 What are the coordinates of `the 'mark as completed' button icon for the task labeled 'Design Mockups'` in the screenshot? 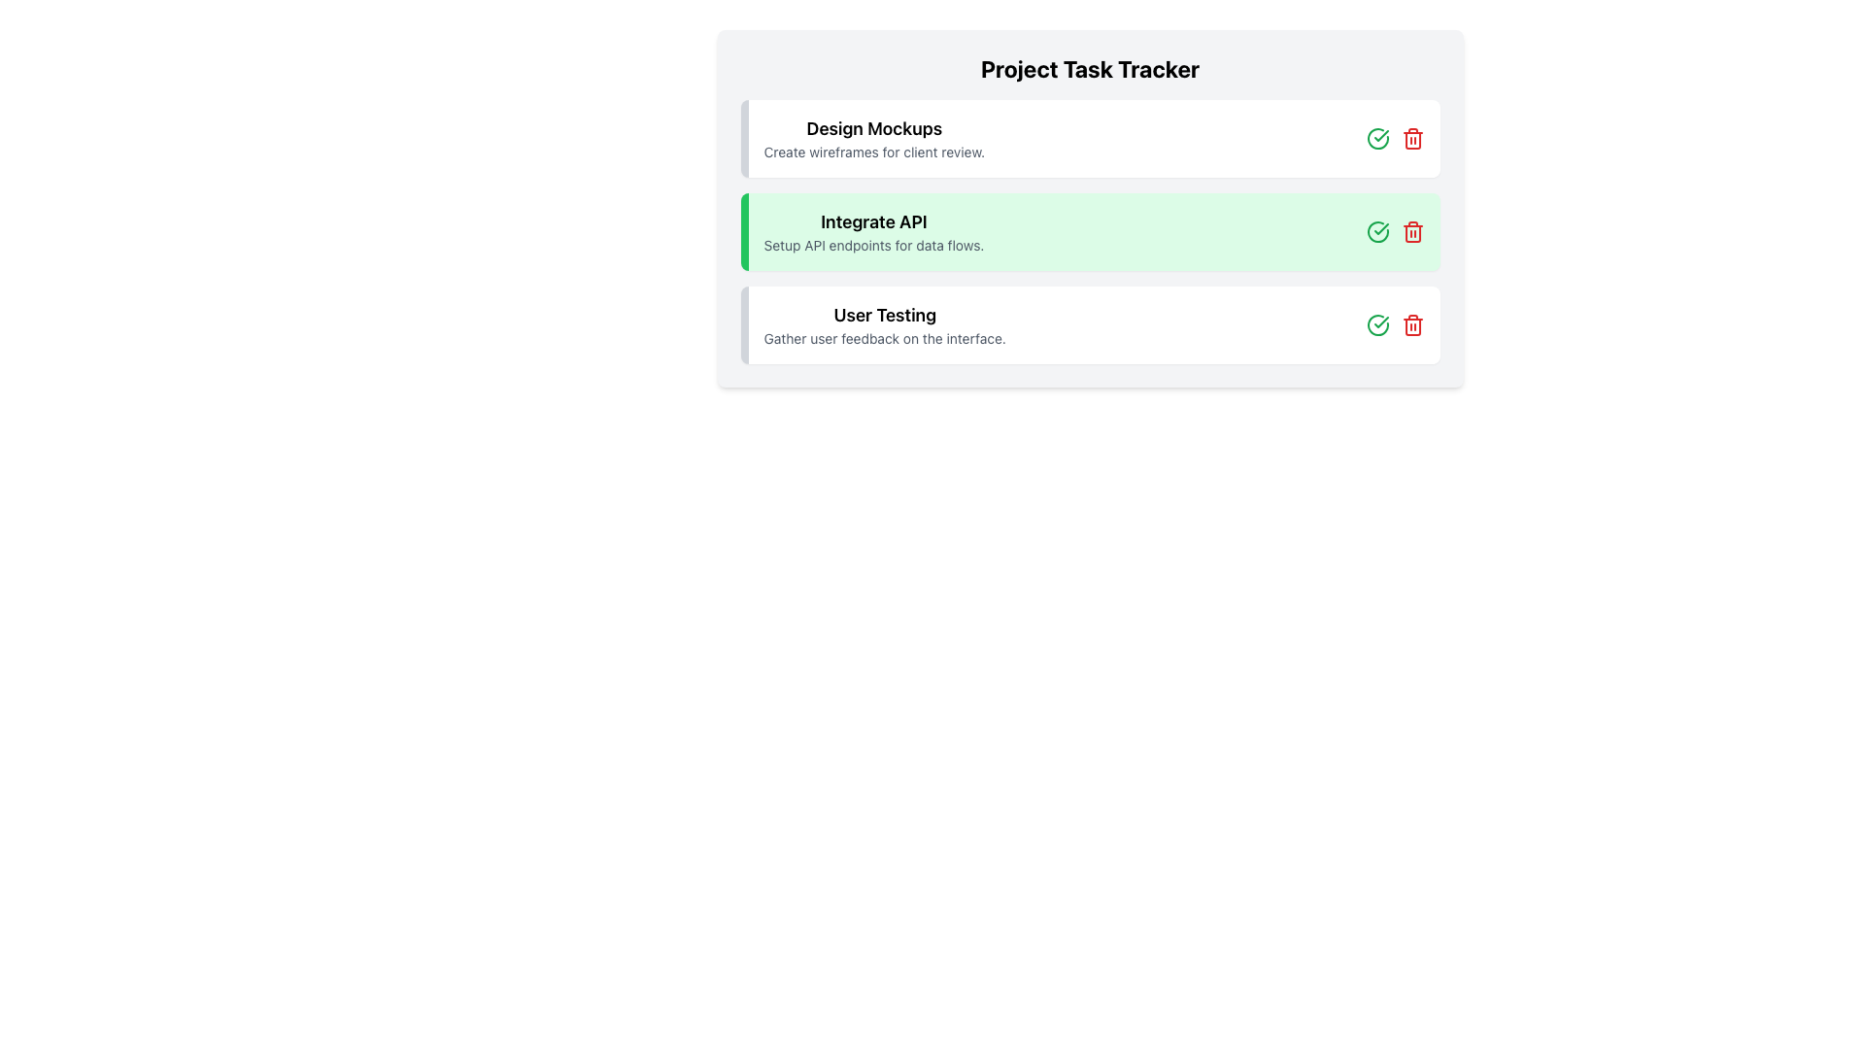 It's located at (1376, 137).